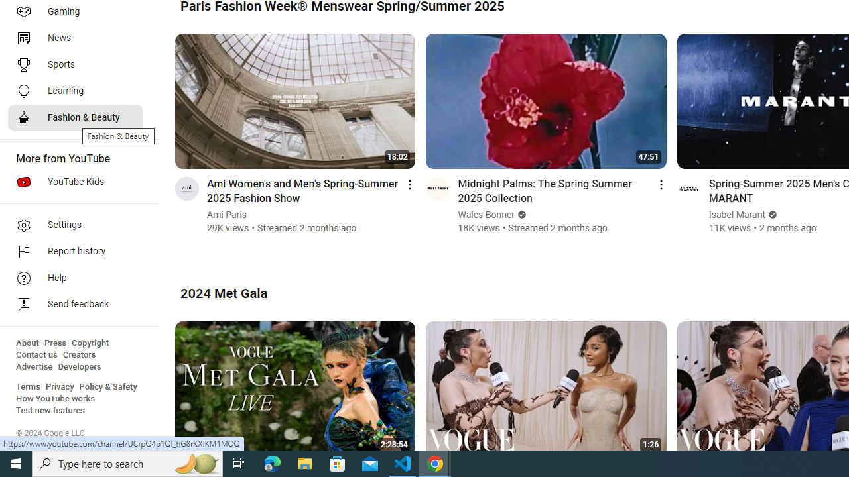  What do you see at coordinates (50, 410) in the screenshot?
I see `'Test new features'` at bounding box center [50, 410].